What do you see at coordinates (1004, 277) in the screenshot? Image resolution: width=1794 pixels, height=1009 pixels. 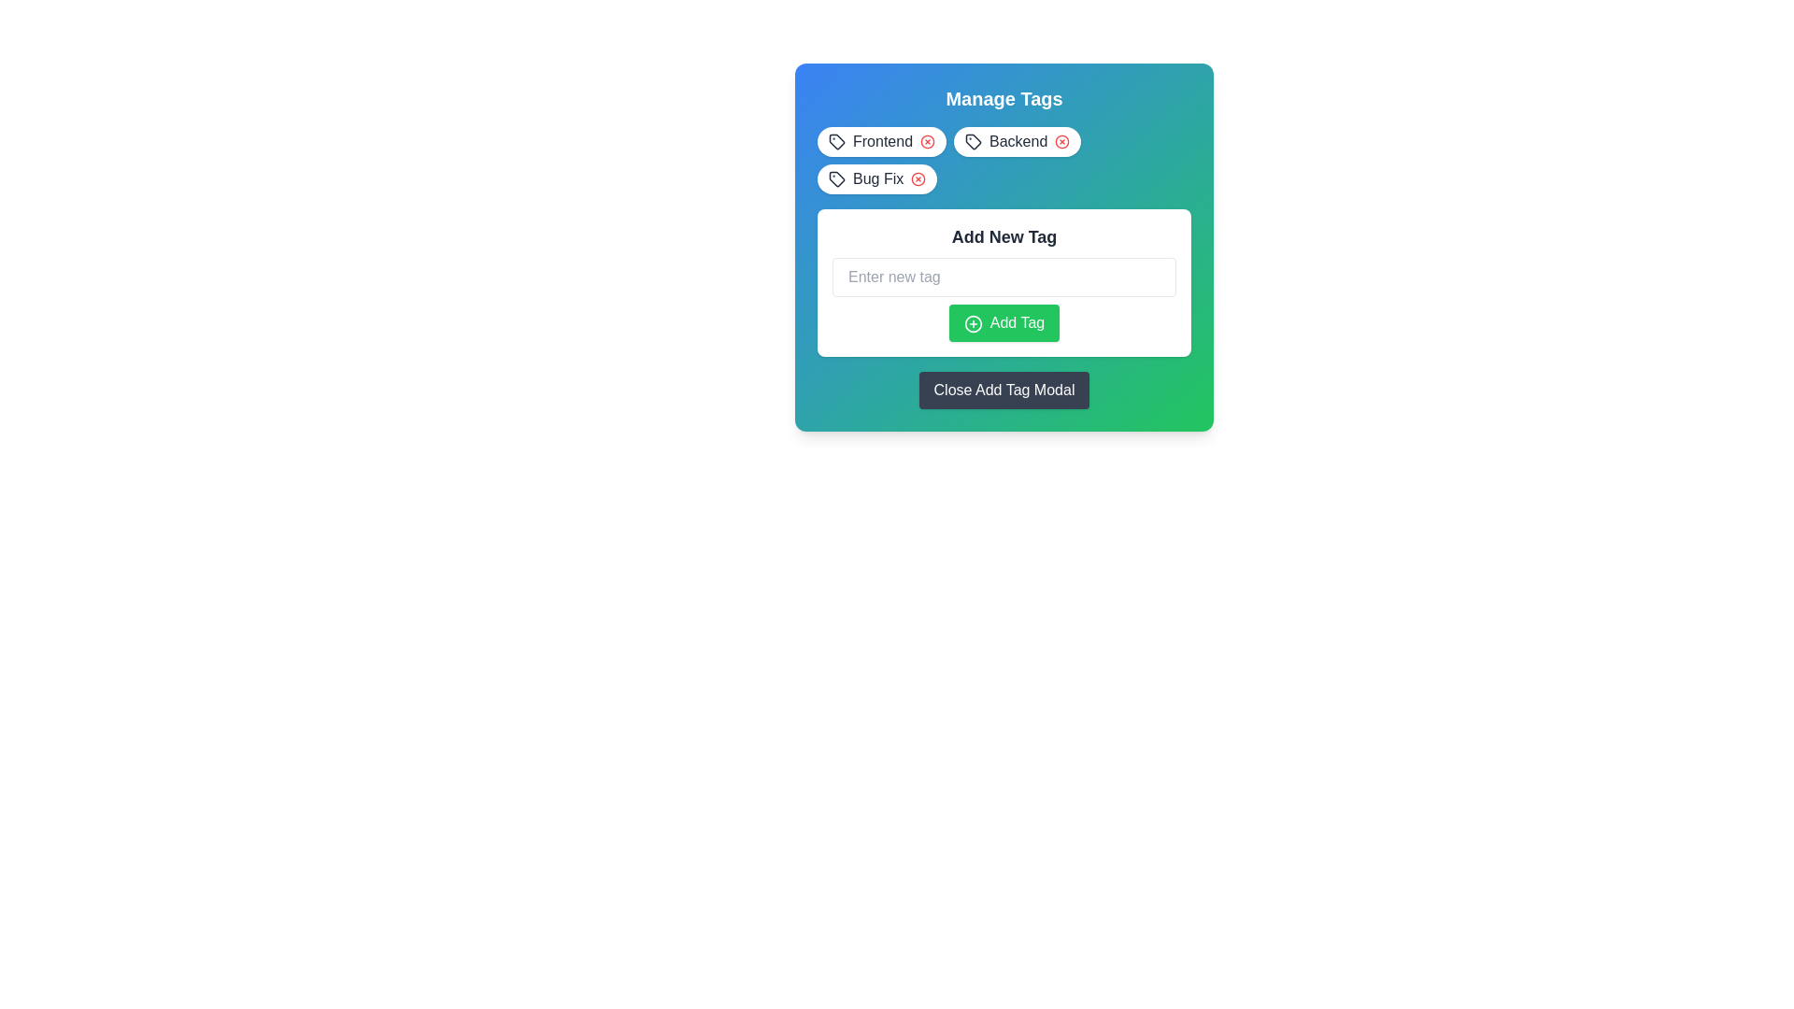 I see `the text input field for adding a new tag, located below the 'Add New Tag' heading in the modal` at bounding box center [1004, 277].